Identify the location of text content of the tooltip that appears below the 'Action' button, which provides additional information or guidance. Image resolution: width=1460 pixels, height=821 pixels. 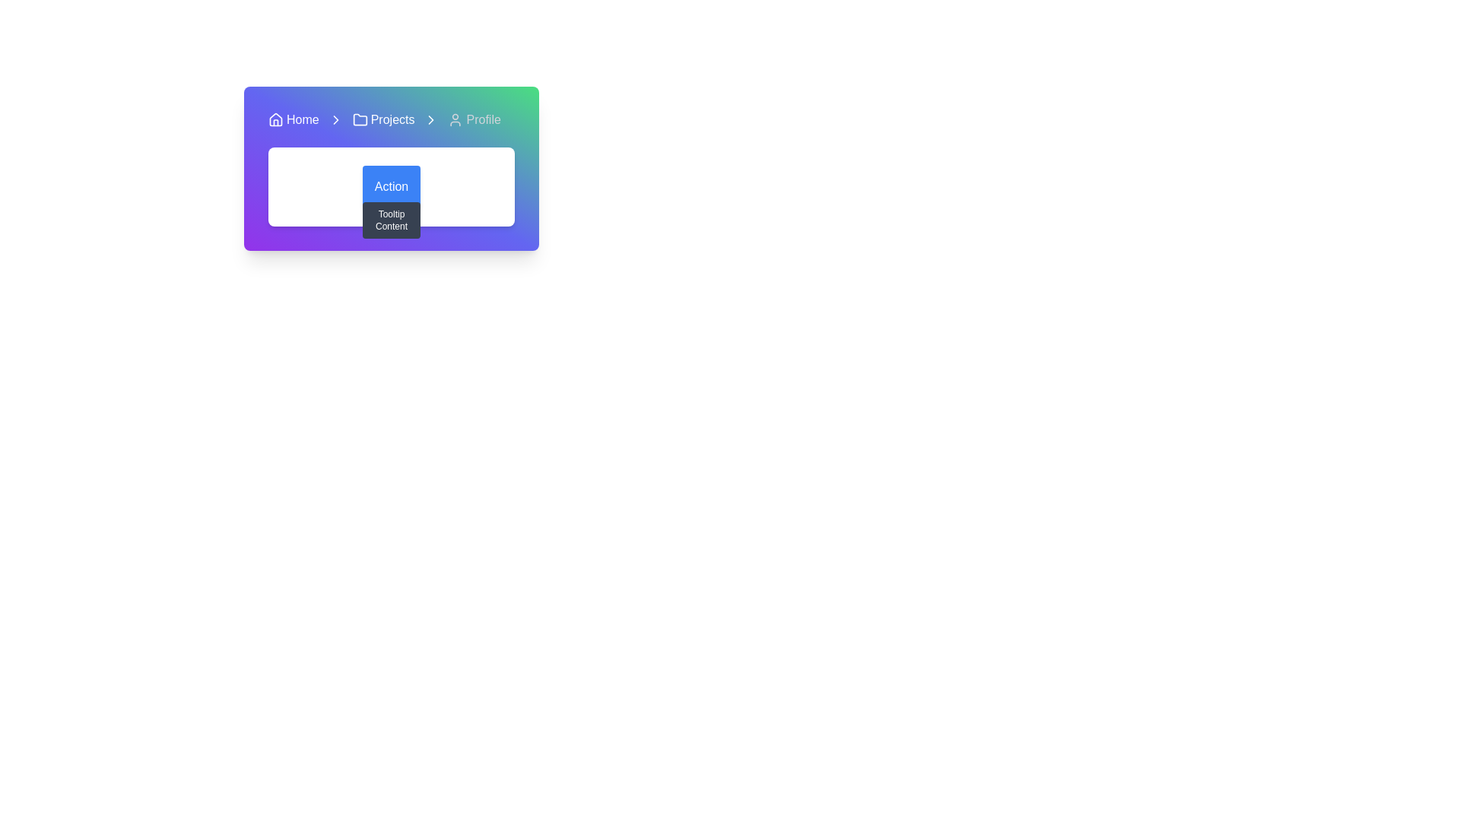
(391, 220).